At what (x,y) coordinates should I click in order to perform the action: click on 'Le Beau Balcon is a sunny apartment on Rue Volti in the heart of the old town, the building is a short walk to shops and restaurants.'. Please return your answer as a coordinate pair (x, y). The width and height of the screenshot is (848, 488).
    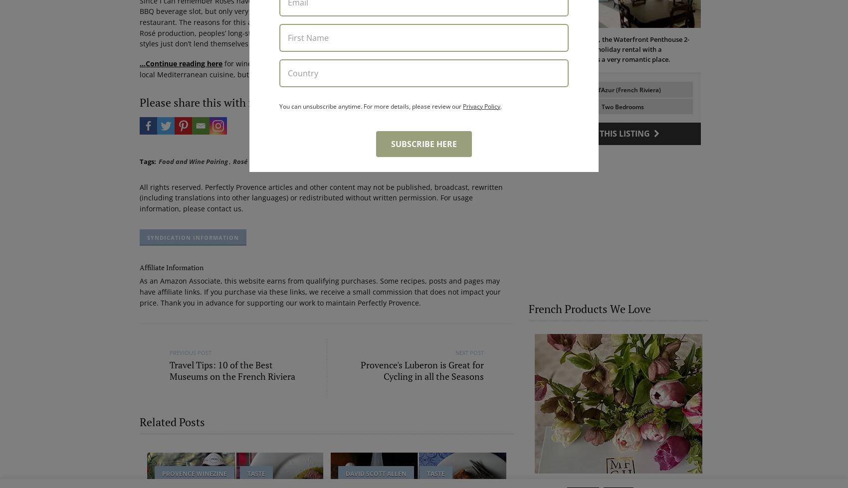
    Looking at the image, I should click on (5, 48).